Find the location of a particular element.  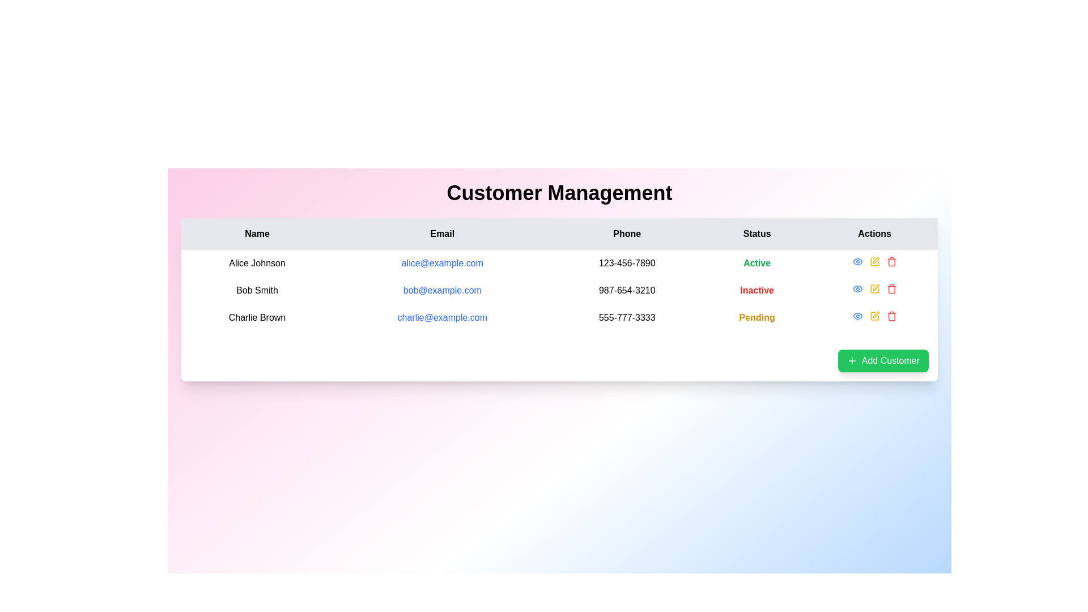

the edit icon button located in the actions column of the second row in the table, positioned between a blue view icon and a red delete icon is located at coordinates (874, 288).